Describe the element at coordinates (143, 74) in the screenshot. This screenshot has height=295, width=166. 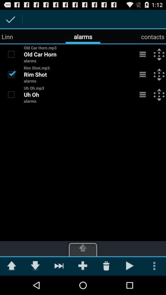
I see `alarm` at that location.